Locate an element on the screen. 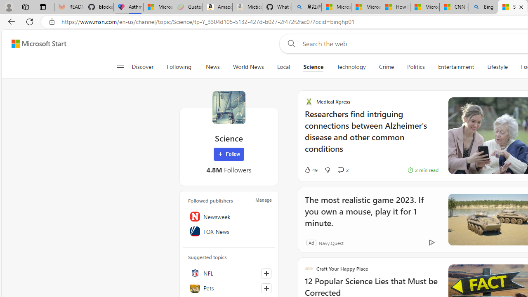 The image size is (528, 297). 'Dislike' is located at coordinates (327, 170).